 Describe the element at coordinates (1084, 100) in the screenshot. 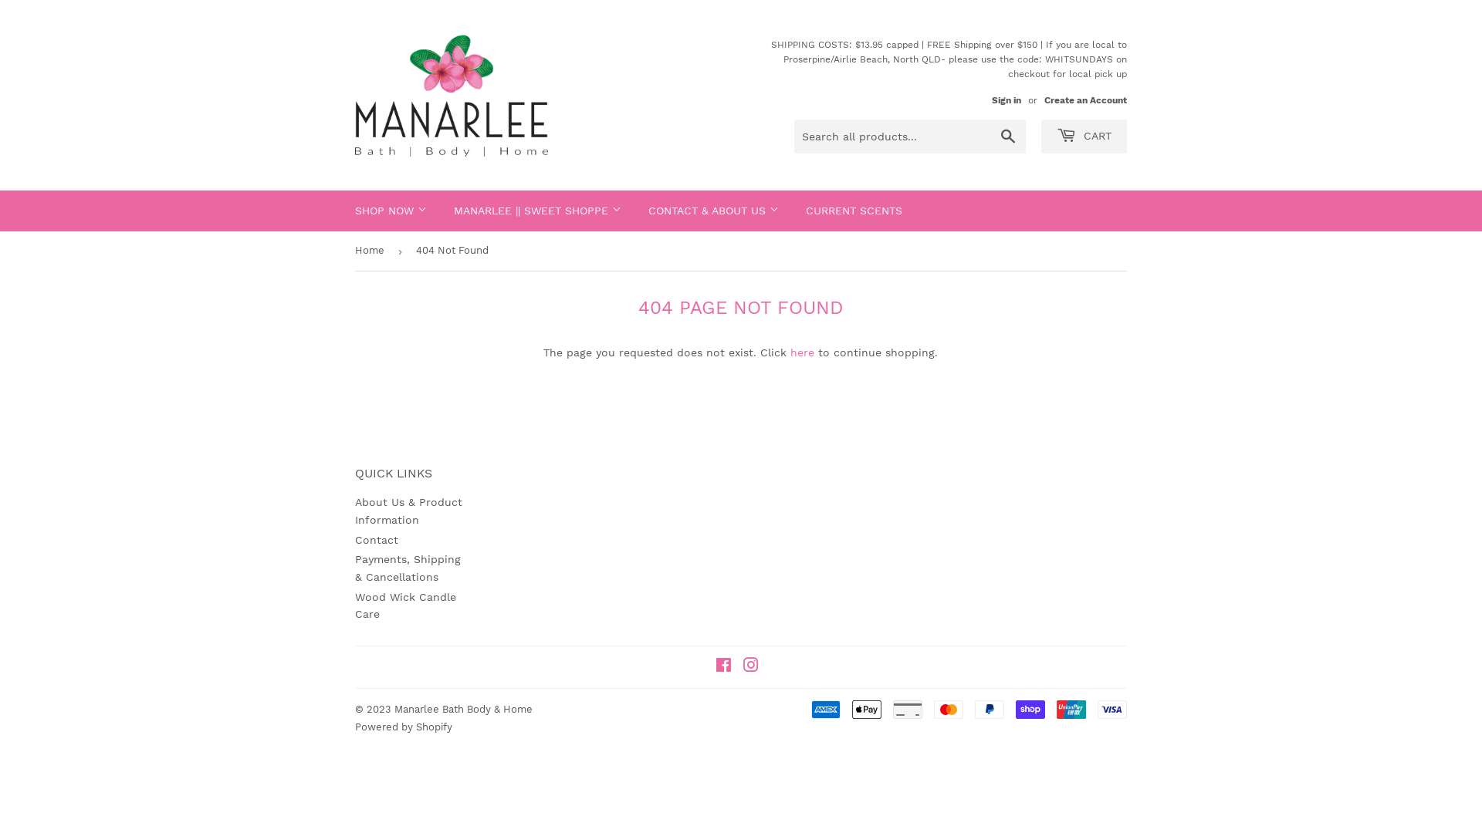

I see `'Create an Account'` at that location.